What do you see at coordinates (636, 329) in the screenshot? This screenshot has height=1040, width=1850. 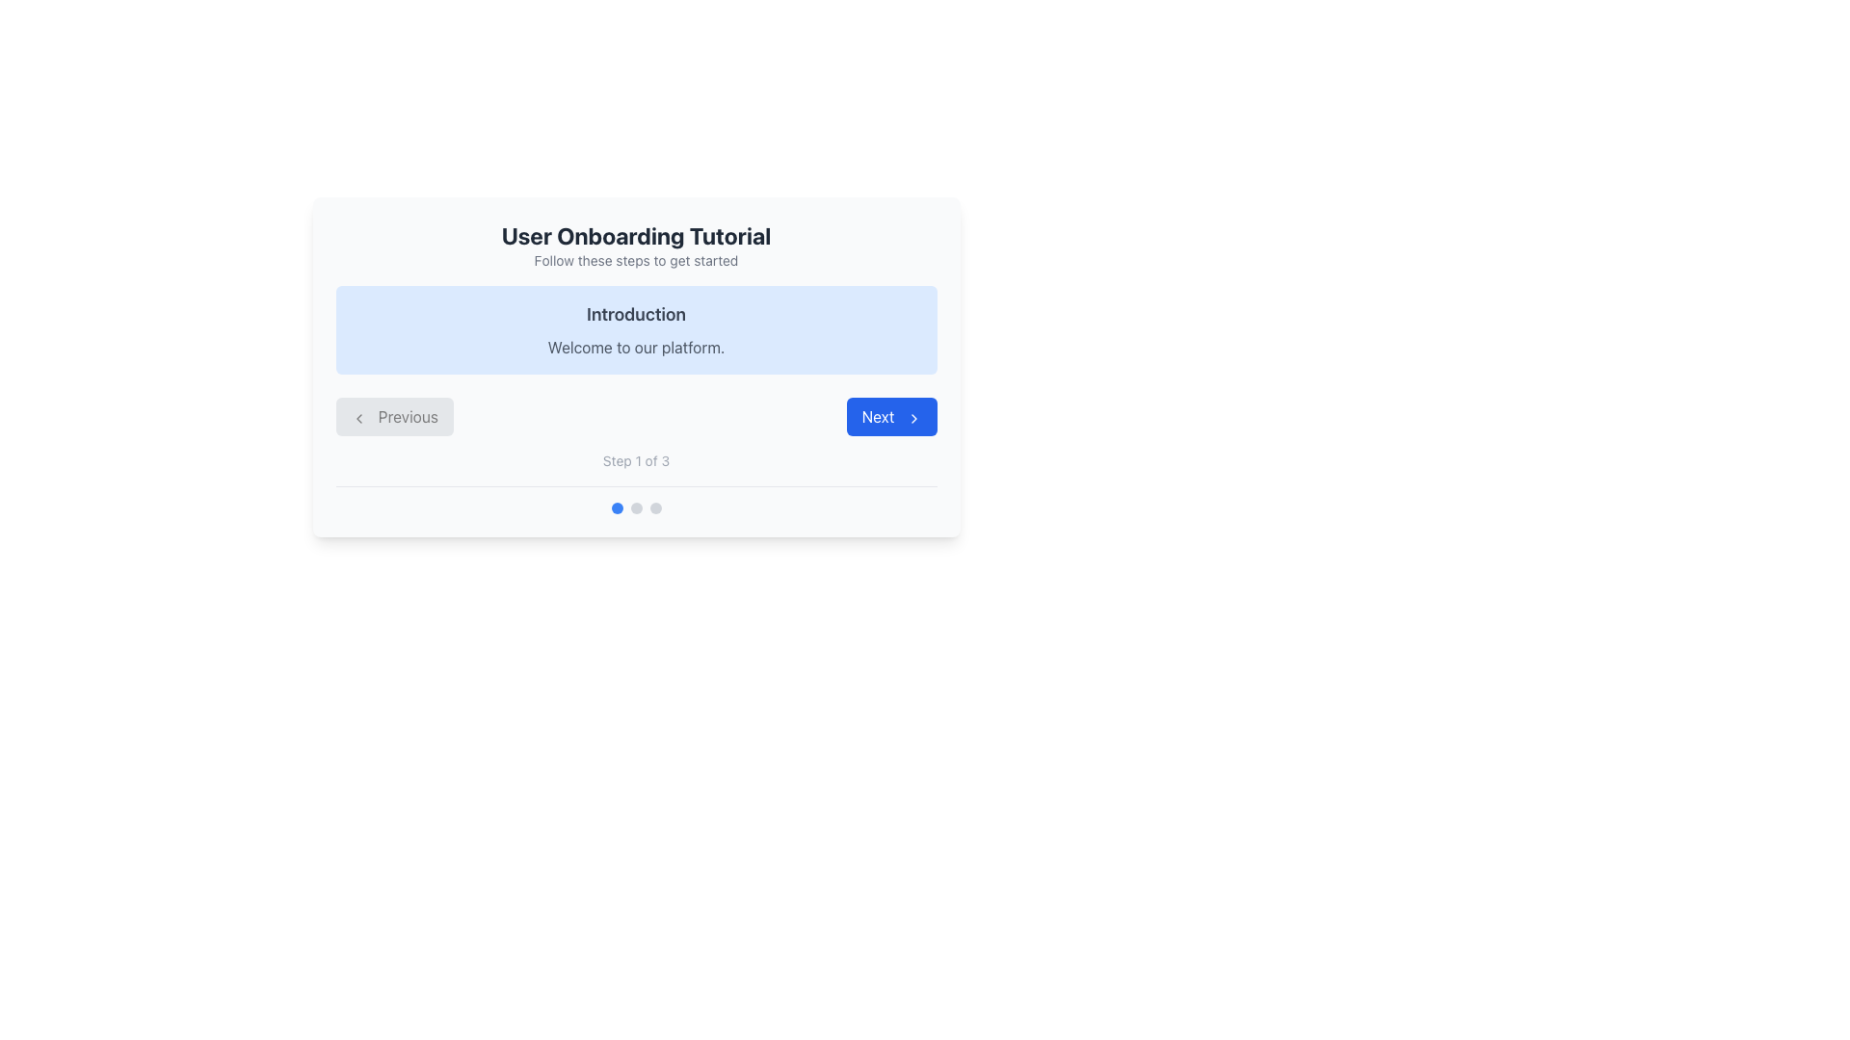 I see `the Informational section, which is a rectangular blue box with rounded corners containing the title 'Introduction' in bold gray text and a subtitle 'Welcome to our platform.'` at bounding box center [636, 329].